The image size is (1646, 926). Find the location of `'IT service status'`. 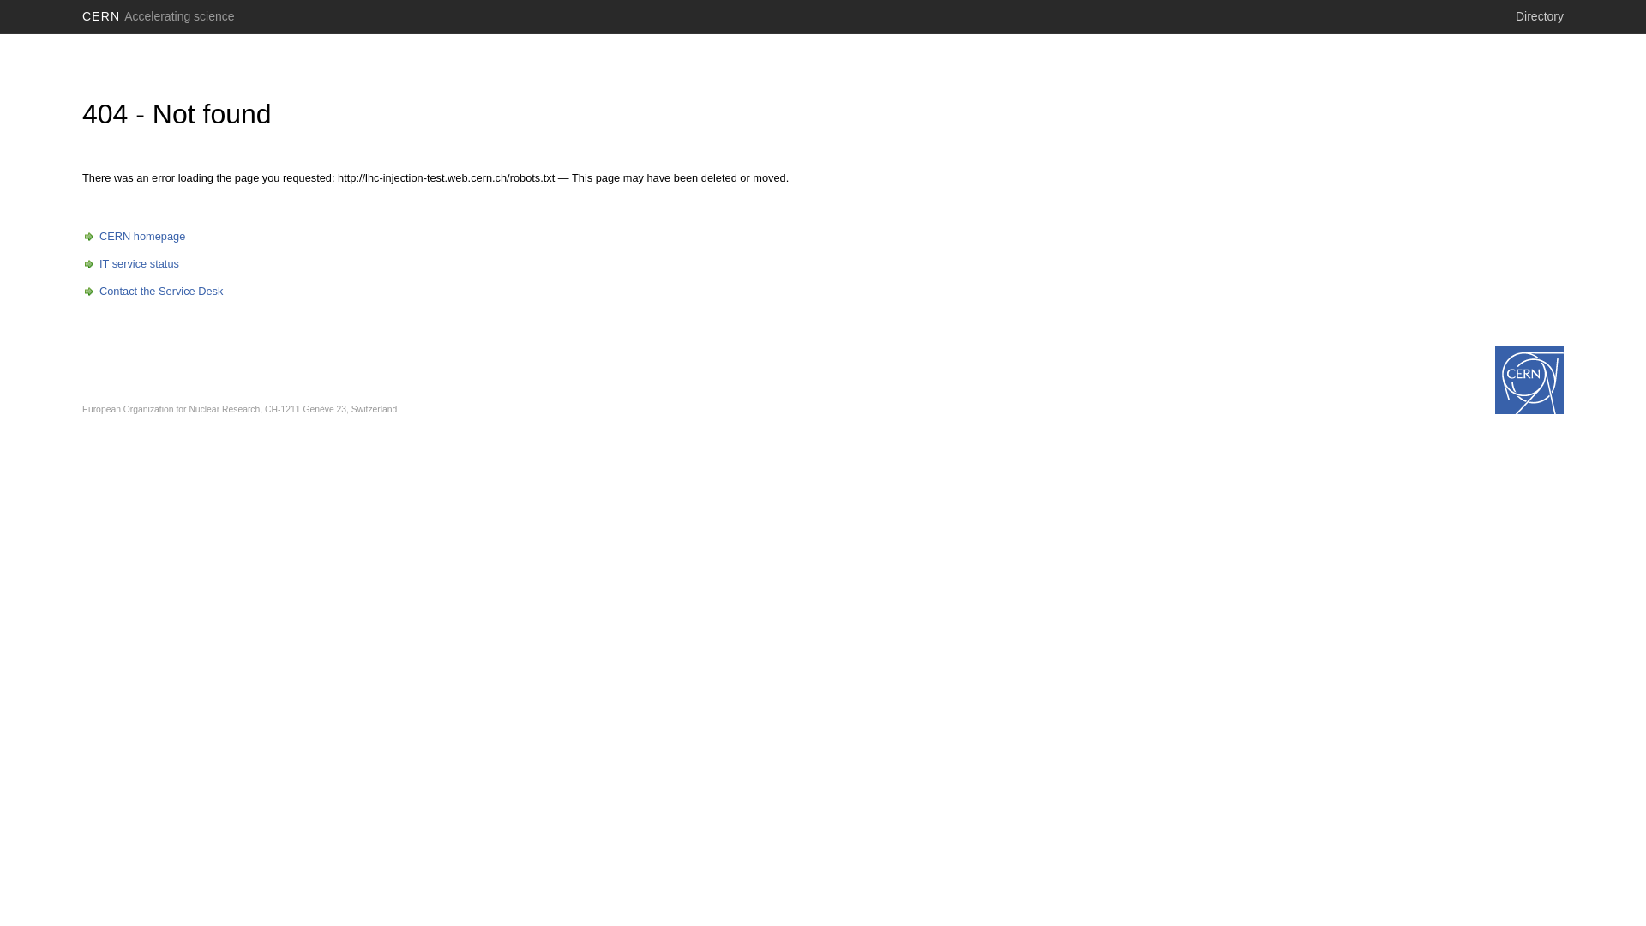

'IT service status' is located at coordinates (129, 263).